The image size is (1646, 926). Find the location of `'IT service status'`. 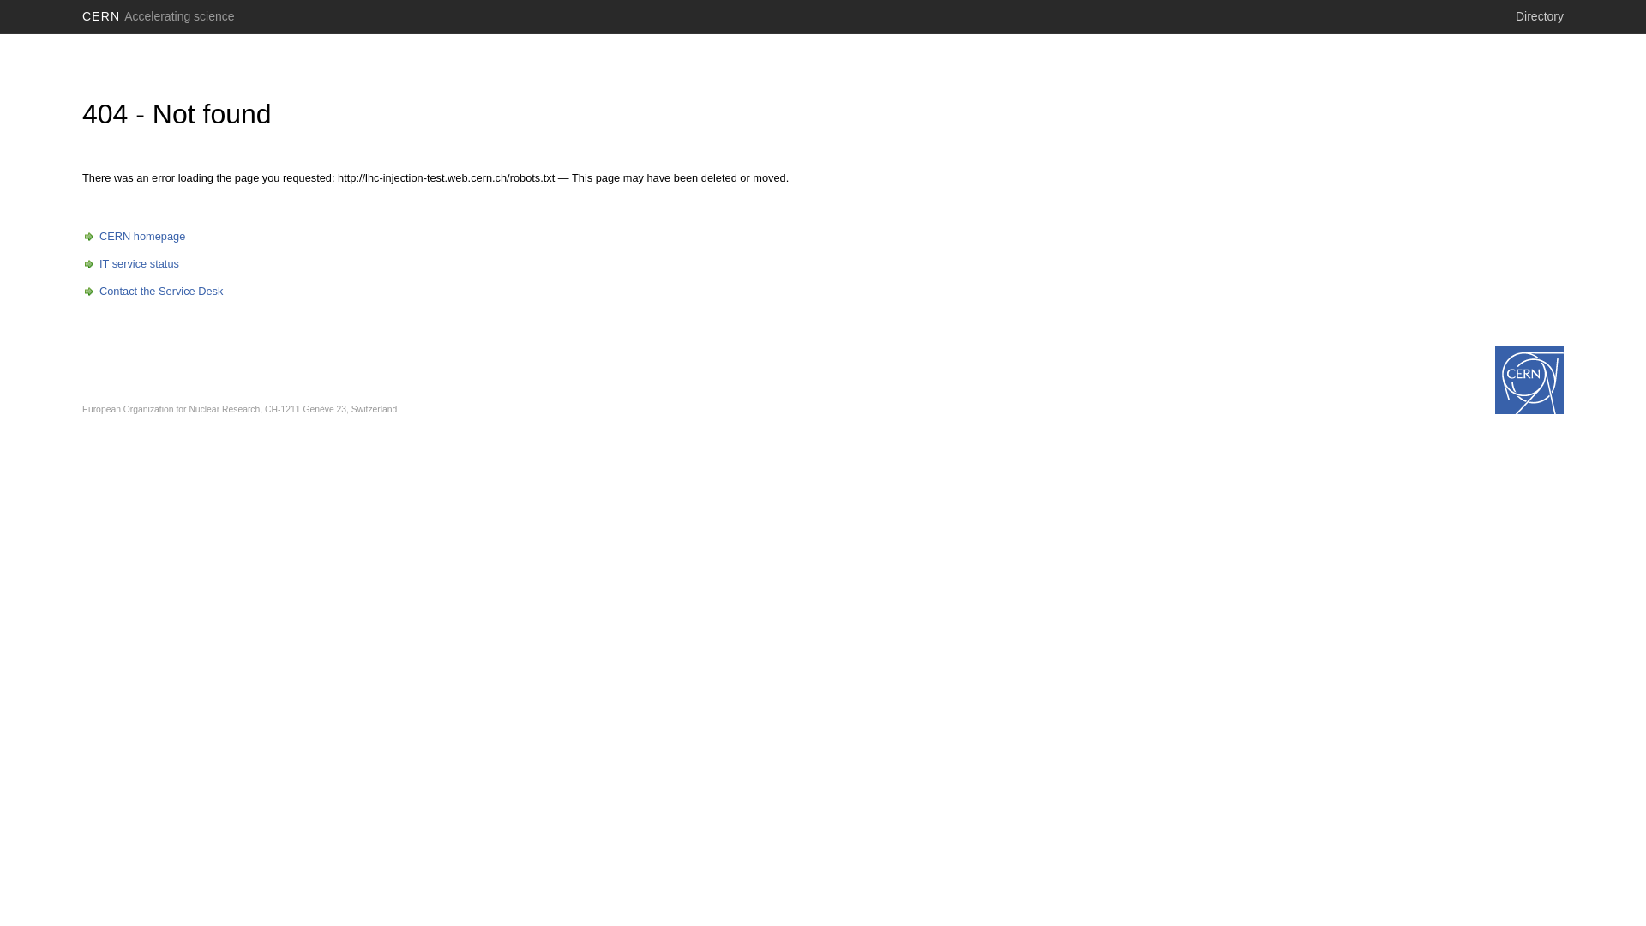

'IT service status' is located at coordinates (129, 263).